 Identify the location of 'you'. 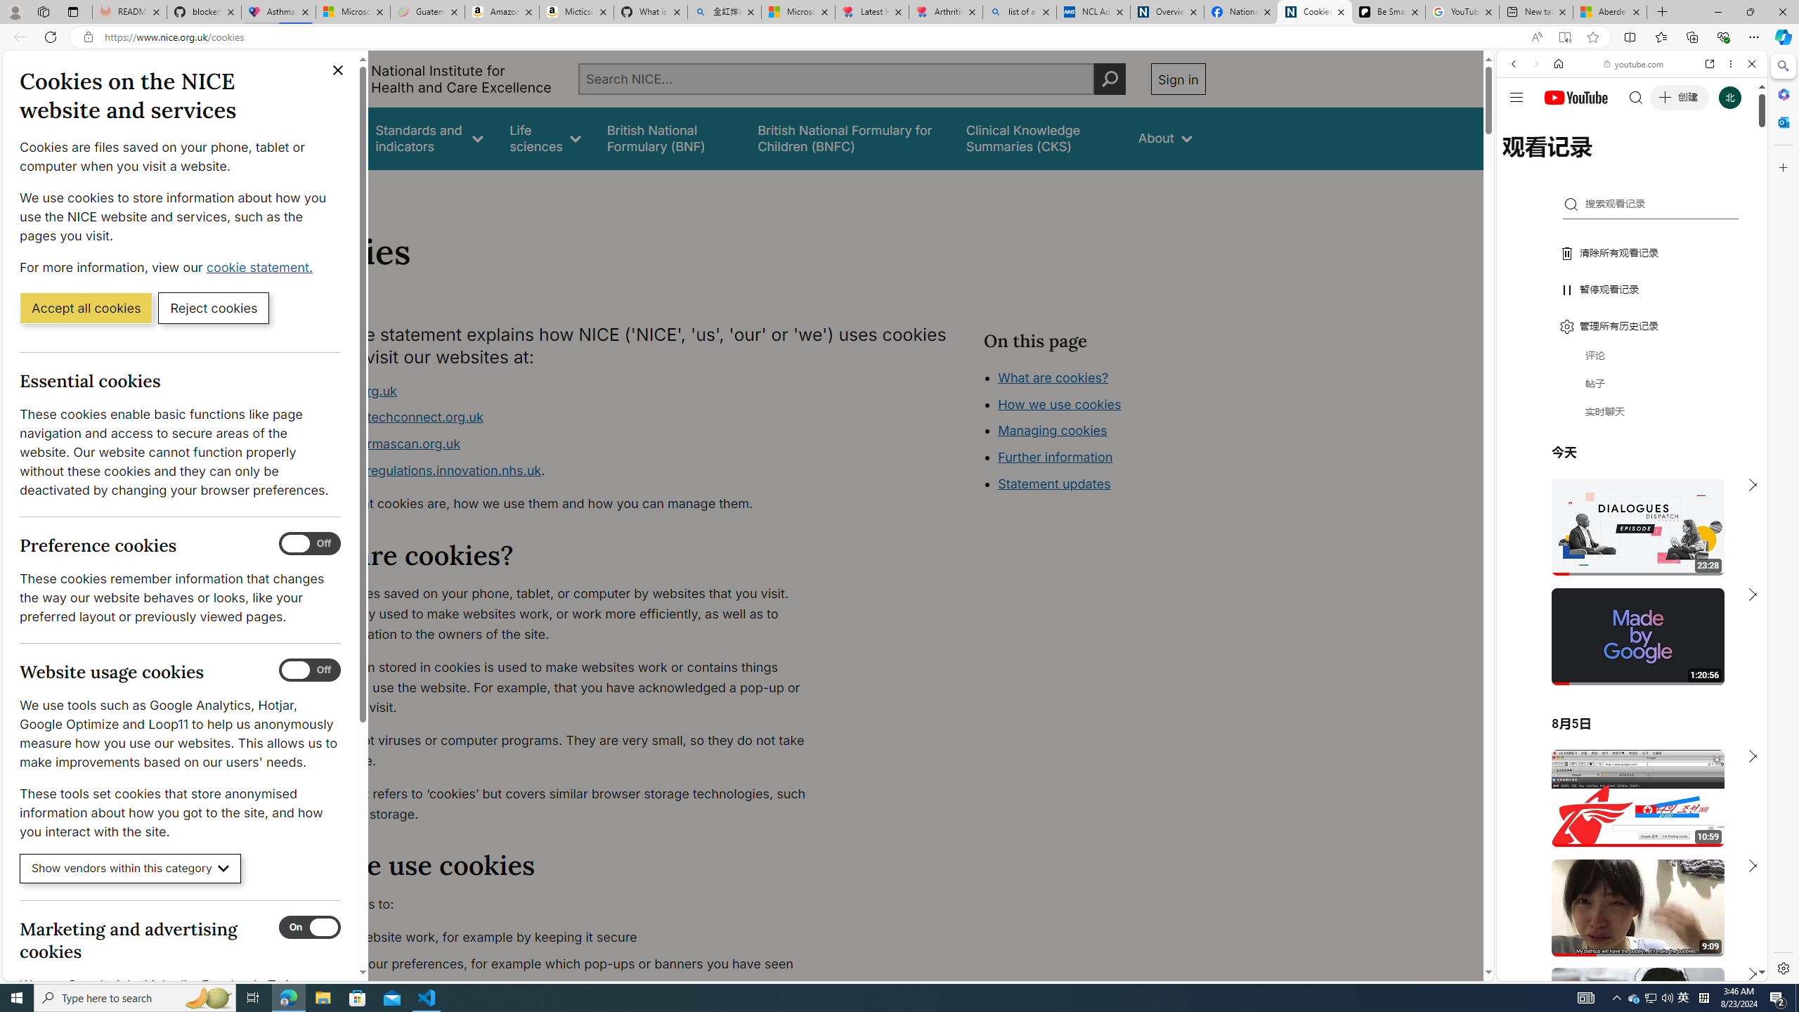
(1626, 933).